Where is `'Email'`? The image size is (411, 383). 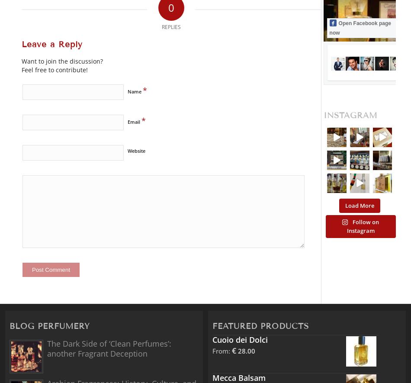 'Email' is located at coordinates (134, 121).